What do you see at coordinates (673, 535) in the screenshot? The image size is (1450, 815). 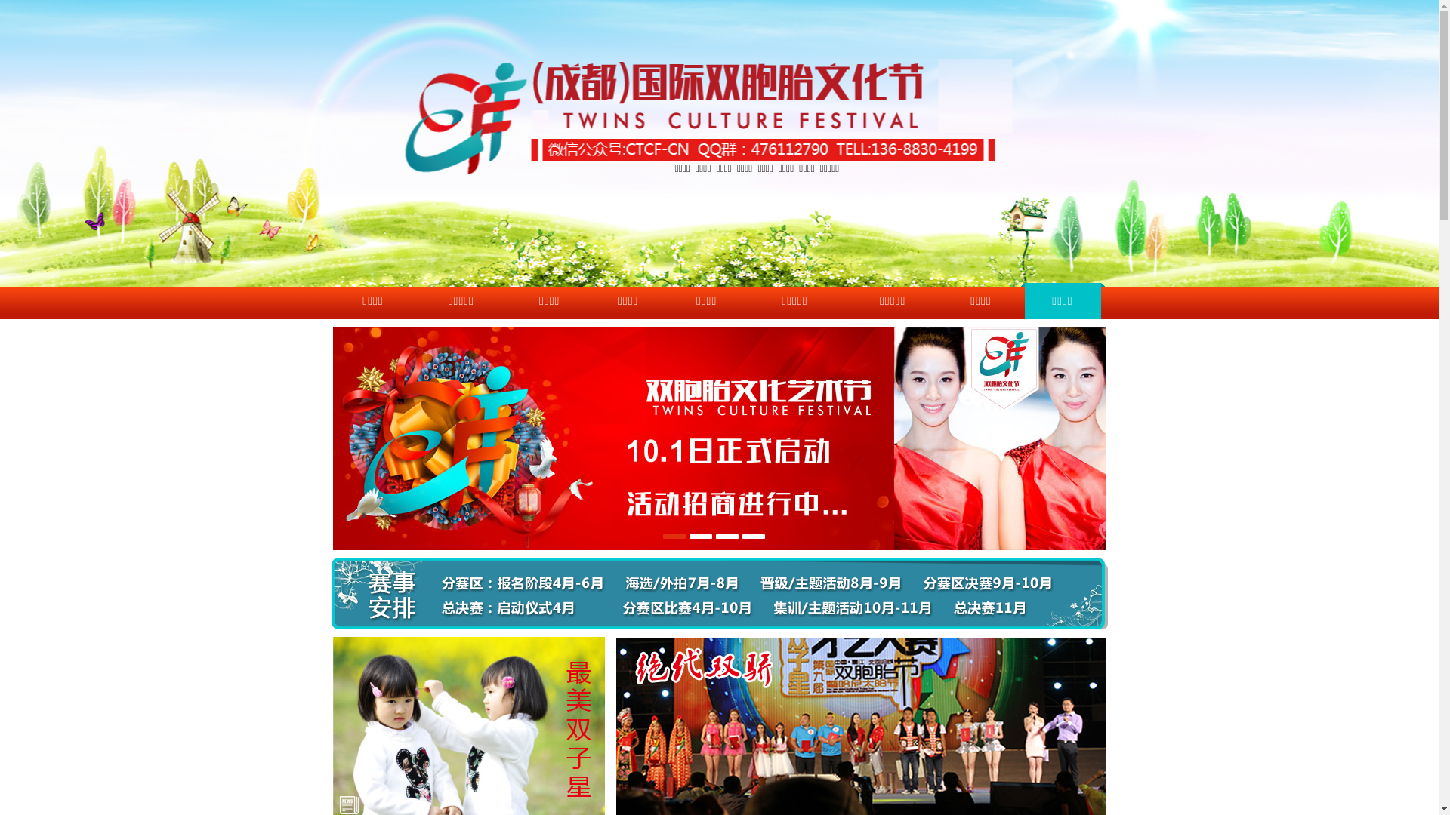 I see `'1'` at bounding box center [673, 535].